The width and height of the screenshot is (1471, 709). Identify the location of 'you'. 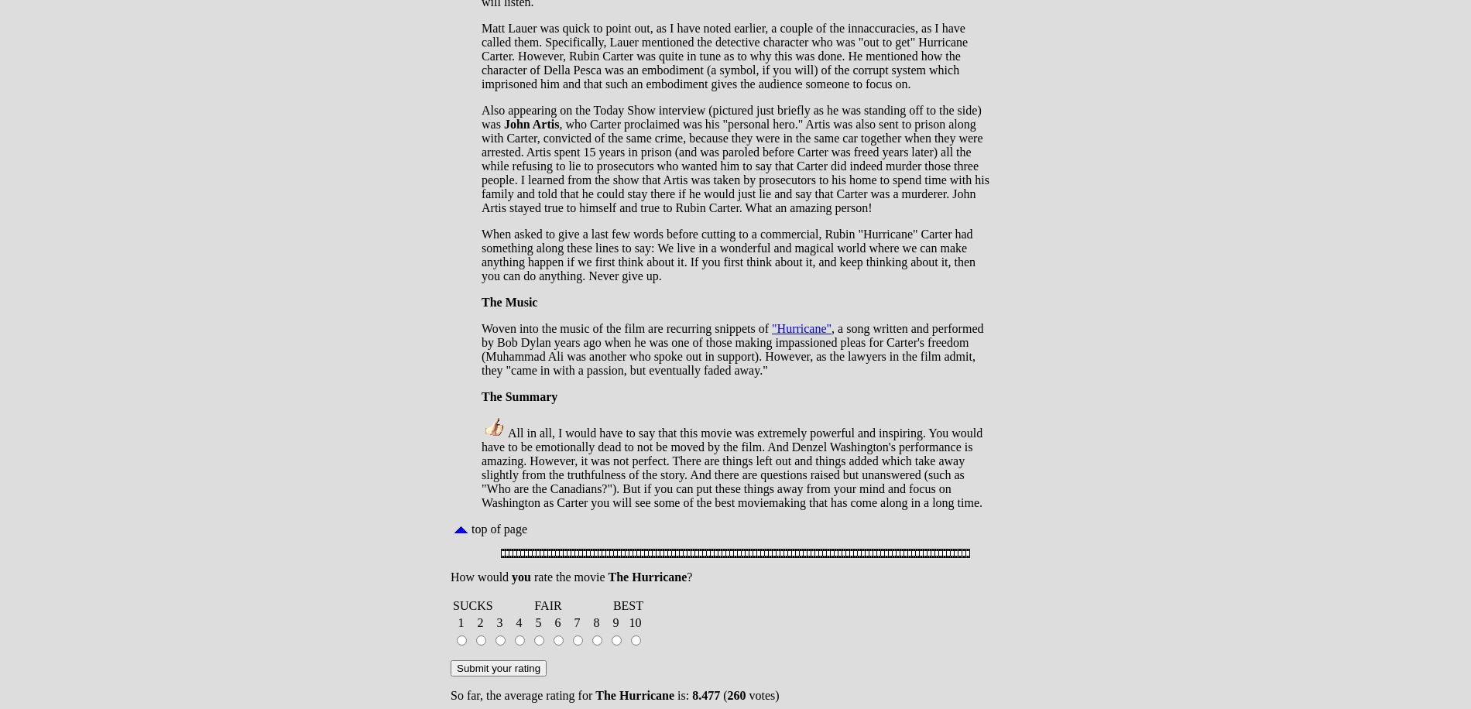
(521, 576).